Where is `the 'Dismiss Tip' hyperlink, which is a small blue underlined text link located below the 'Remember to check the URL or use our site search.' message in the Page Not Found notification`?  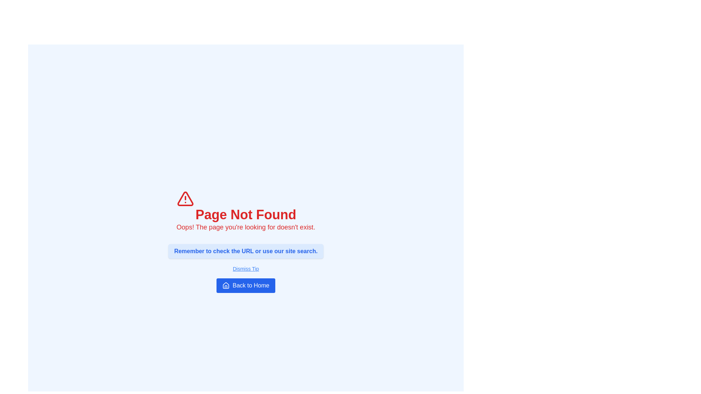
the 'Dismiss Tip' hyperlink, which is a small blue underlined text link located below the 'Remember to check the URL or use our site search.' message in the Page Not Found notification is located at coordinates (246, 269).